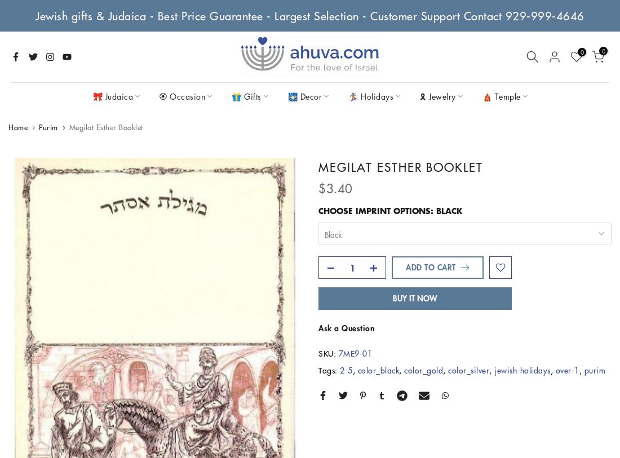  What do you see at coordinates (317, 210) in the screenshot?
I see `'Choose Imprint Options:'` at bounding box center [317, 210].